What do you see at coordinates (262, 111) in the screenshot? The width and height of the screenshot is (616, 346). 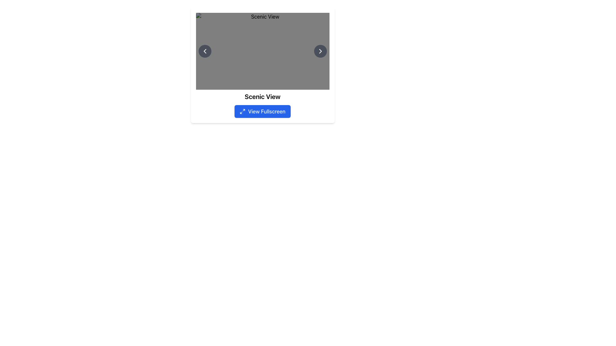 I see `the fullscreen toggle button located below the 'Scenic View' heading` at bounding box center [262, 111].